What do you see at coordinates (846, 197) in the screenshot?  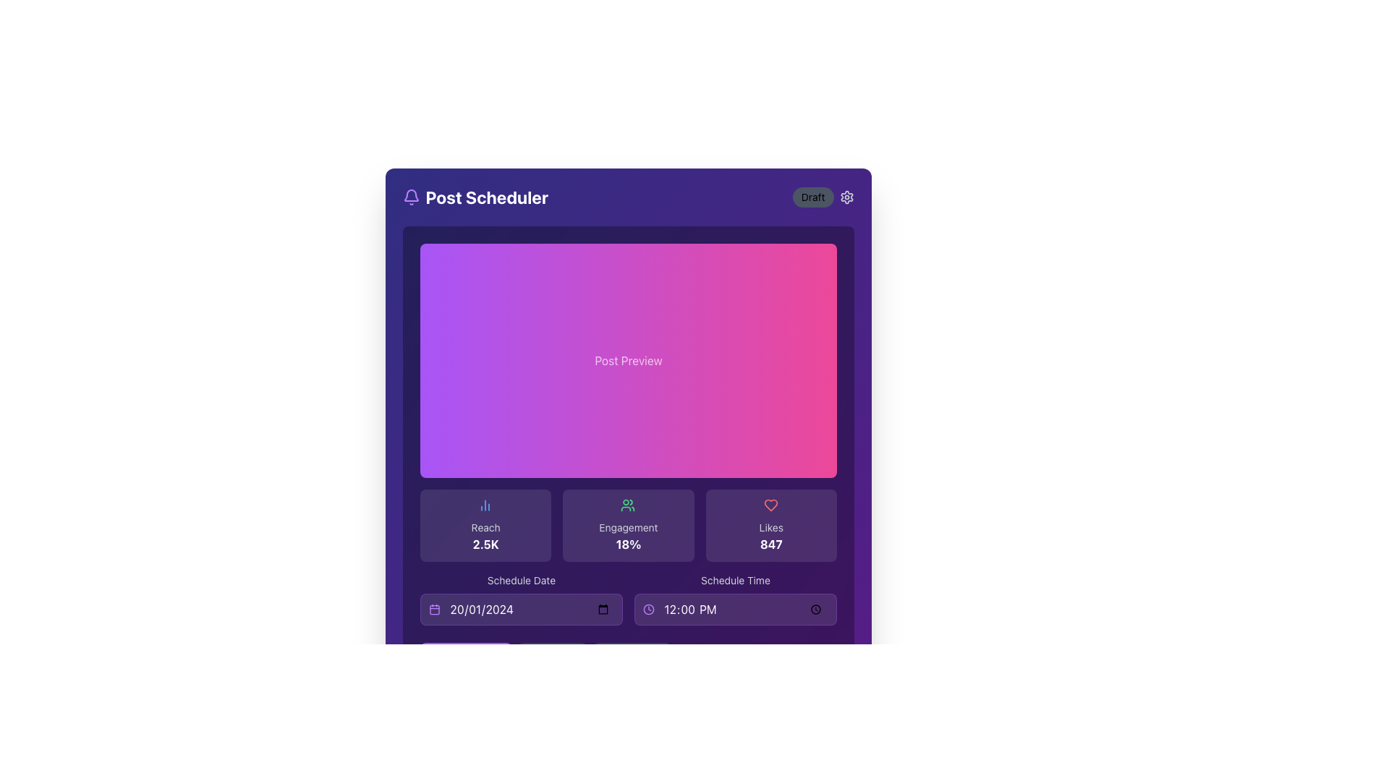 I see `the icon button in the top-right corner of the interface` at bounding box center [846, 197].